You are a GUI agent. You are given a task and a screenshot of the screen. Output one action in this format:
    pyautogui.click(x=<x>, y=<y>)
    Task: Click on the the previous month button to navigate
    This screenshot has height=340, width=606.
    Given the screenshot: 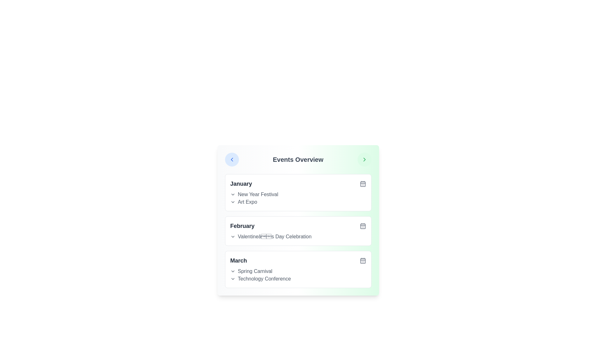 What is the action you would take?
    pyautogui.click(x=231, y=159)
    